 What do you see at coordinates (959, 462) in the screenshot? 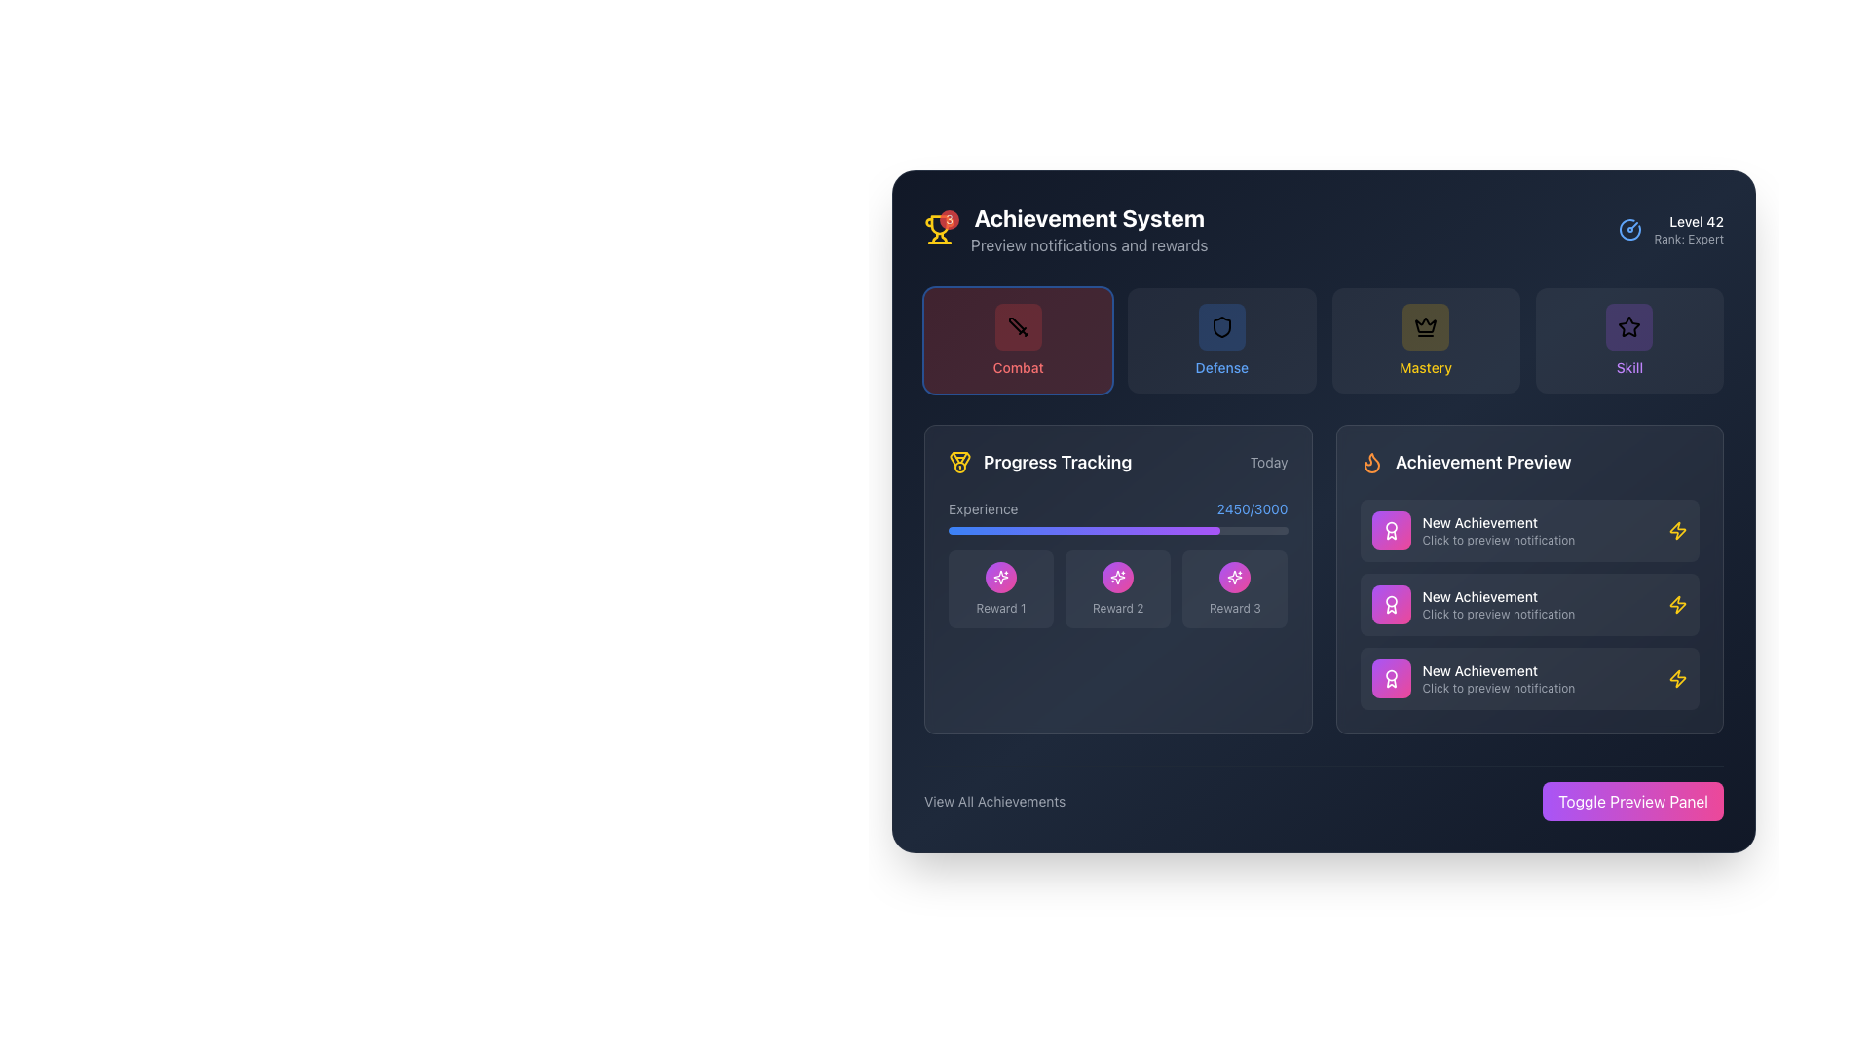
I see `the 'Progress Tracking' icon, which is located to the far left of the 'Progress Tracking' section, adjacent to its text label` at bounding box center [959, 462].